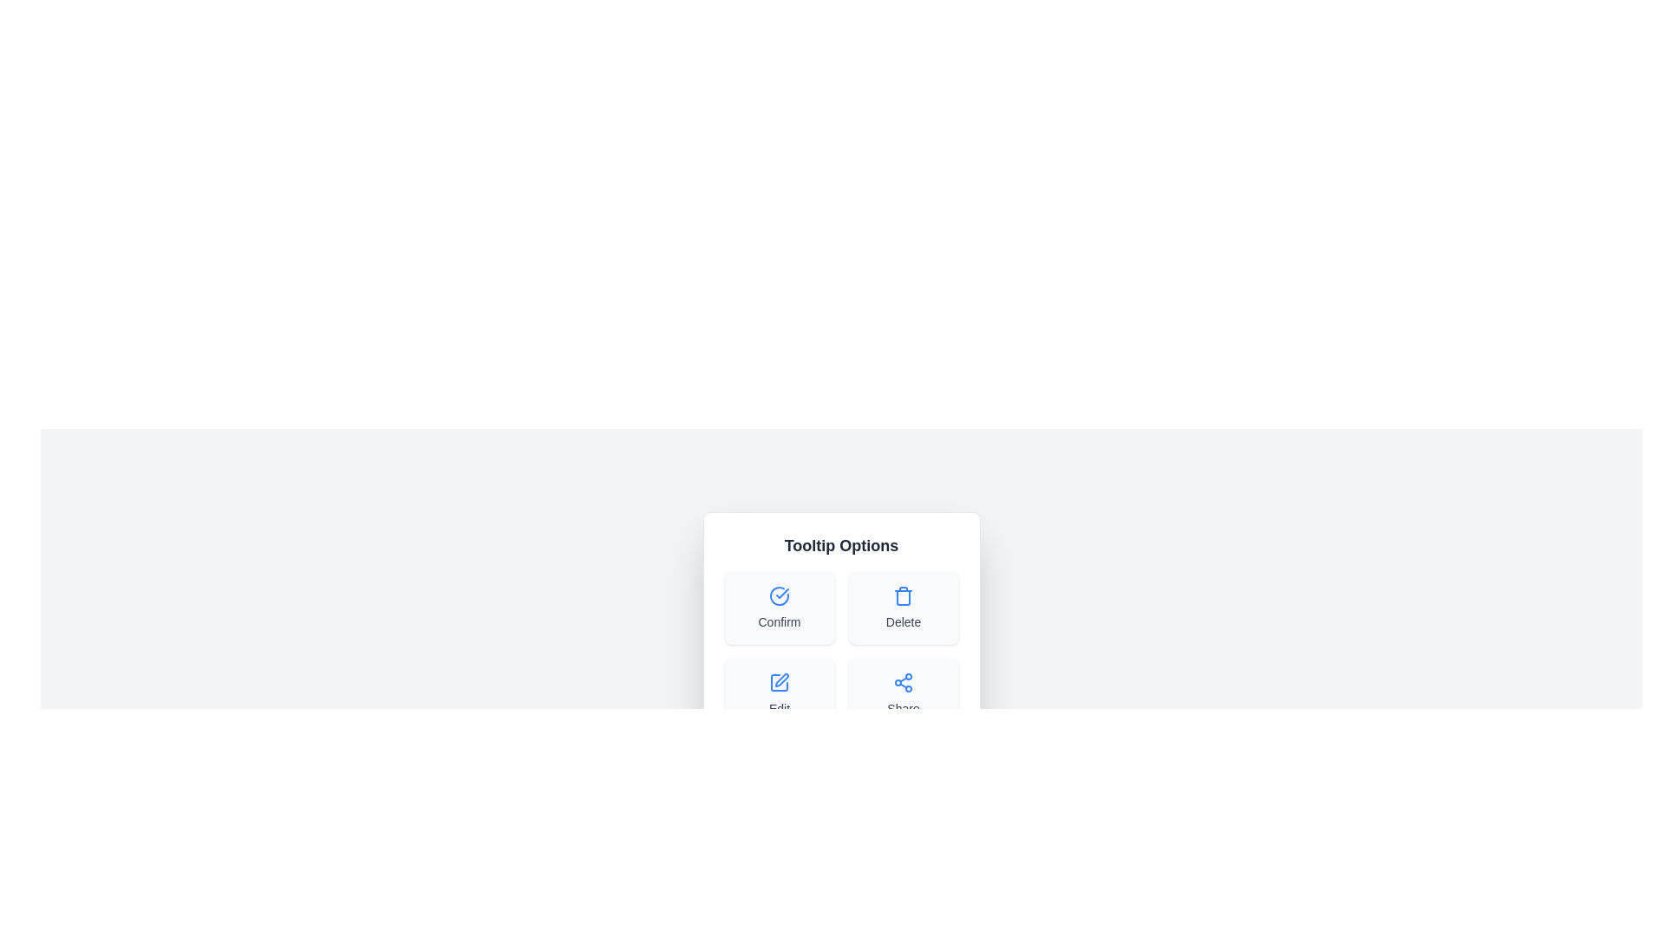  What do you see at coordinates (778, 708) in the screenshot?
I see `the 'Edit' label, which is a small text label styled in gray, located below an editing icon within a card-like structure` at bounding box center [778, 708].